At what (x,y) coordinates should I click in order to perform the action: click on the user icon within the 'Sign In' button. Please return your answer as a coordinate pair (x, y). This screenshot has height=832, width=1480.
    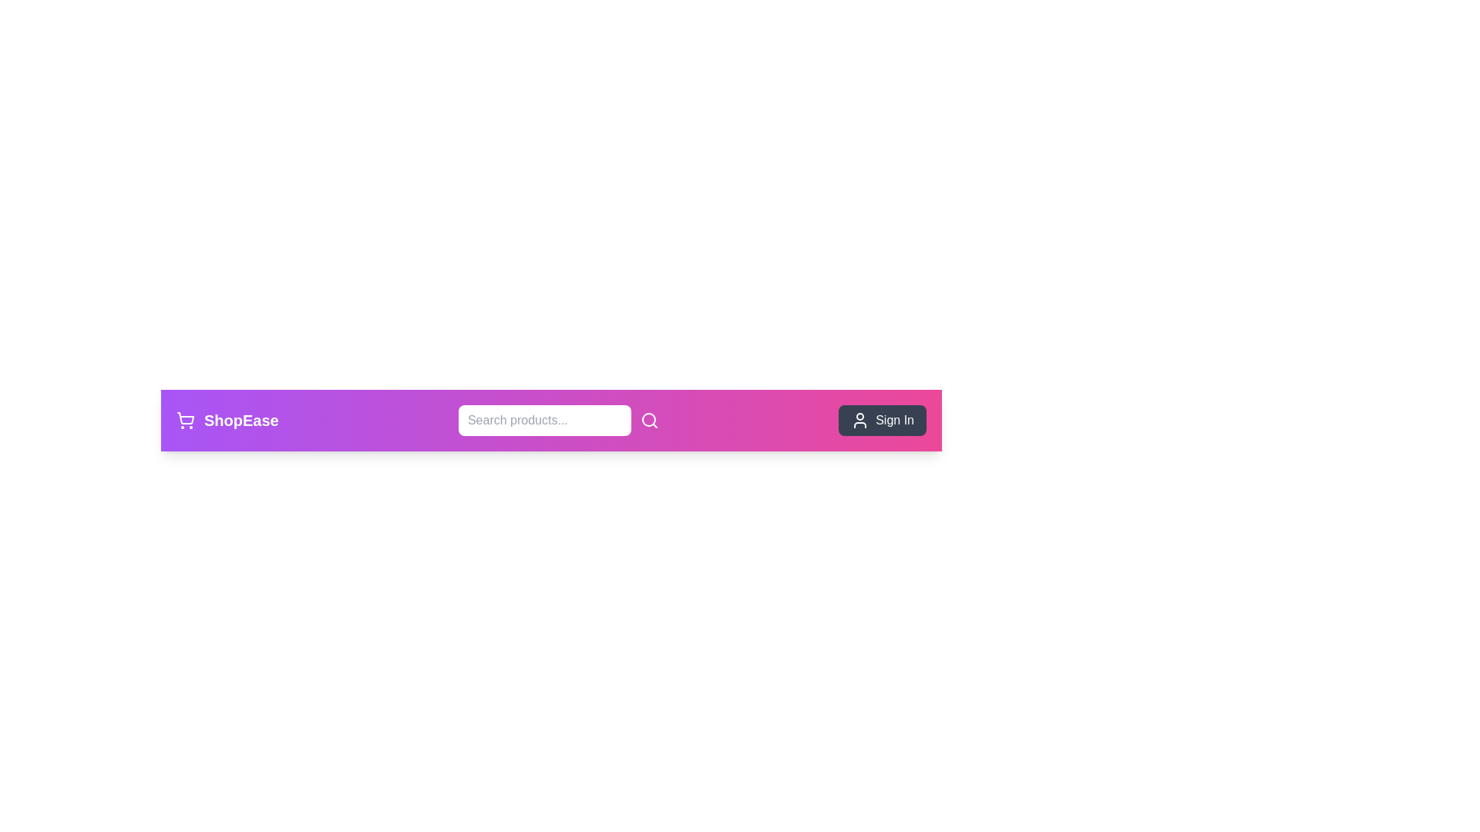
    Looking at the image, I should click on (859, 421).